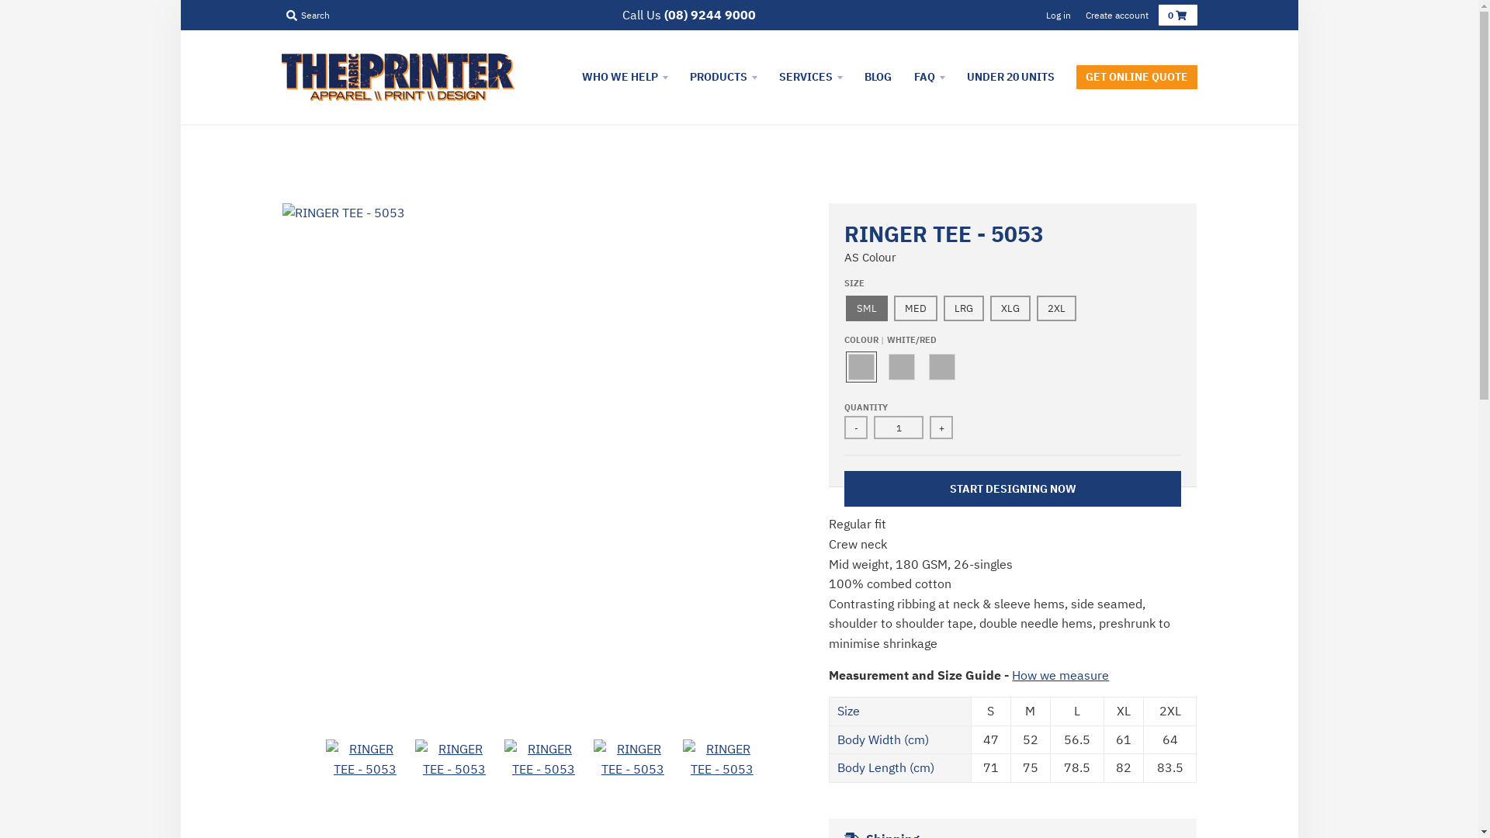 The width and height of the screenshot is (1490, 838). What do you see at coordinates (1010, 77) in the screenshot?
I see `'UNDER 20 UNITS'` at bounding box center [1010, 77].